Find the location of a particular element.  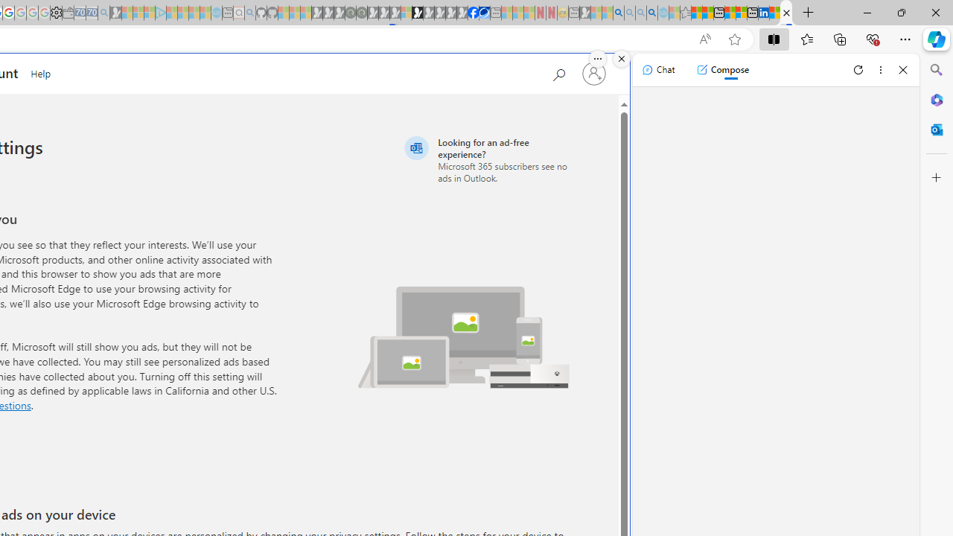

'Sign in to your account - Sleeping' is located at coordinates (406, 13).